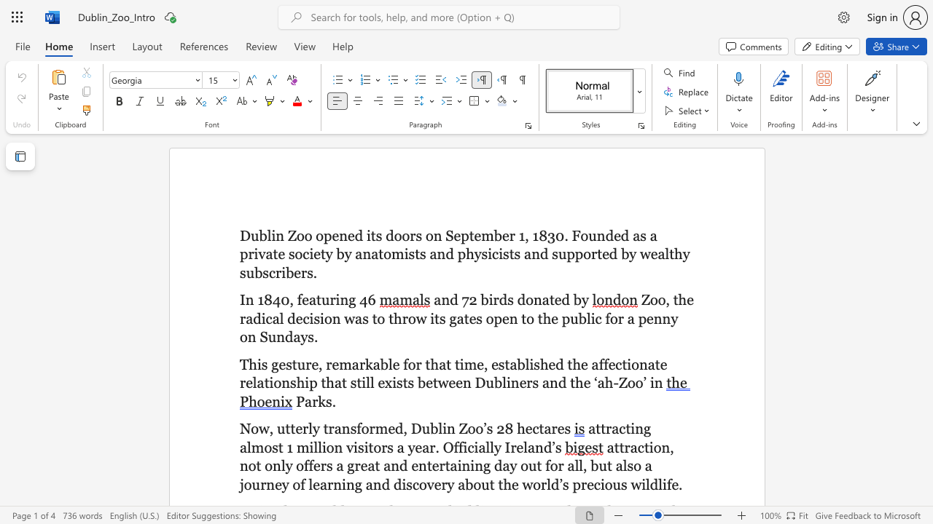 This screenshot has width=933, height=524. I want to click on the subset text "ture, remarkable for tha" within the text "This gesture, remarkable for that time,", so click(292, 363).